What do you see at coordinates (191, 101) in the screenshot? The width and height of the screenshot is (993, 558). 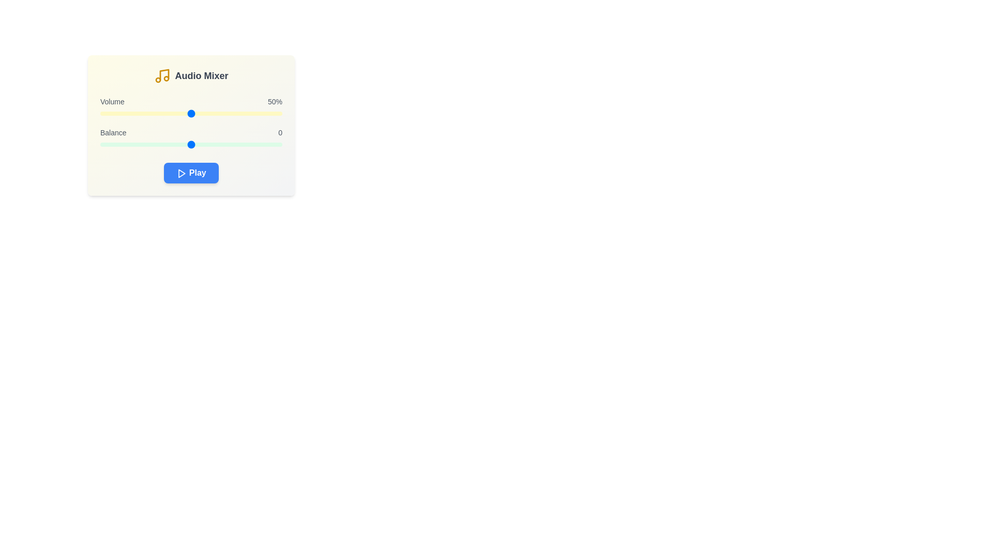 I see `the 'Volume' text label, which is a gray font aligned to the left and right with '50%', positioned above a yellow slider in the Audio Mixer section` at bounding box center [191, 101].